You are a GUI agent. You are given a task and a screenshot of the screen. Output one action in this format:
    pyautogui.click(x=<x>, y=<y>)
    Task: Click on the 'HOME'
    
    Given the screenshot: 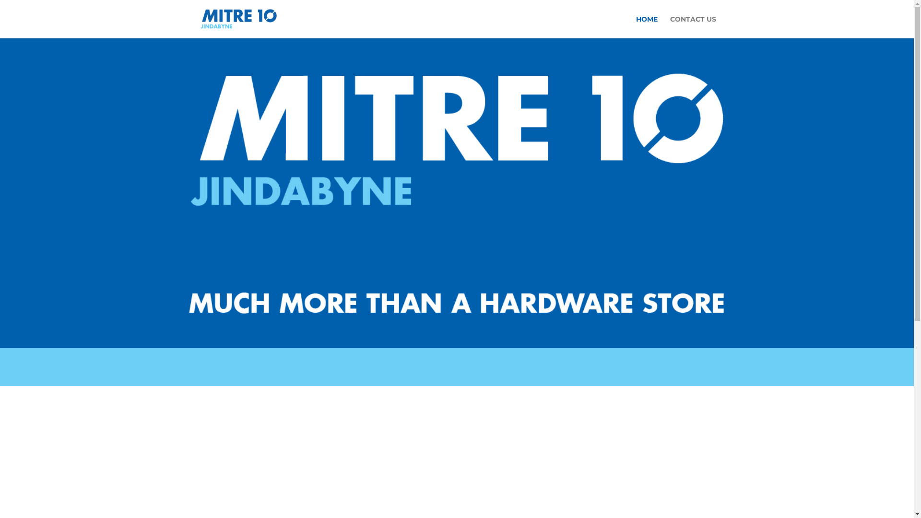 What is the action you would take?
    pyautogui.click(x=636, y=26)
    